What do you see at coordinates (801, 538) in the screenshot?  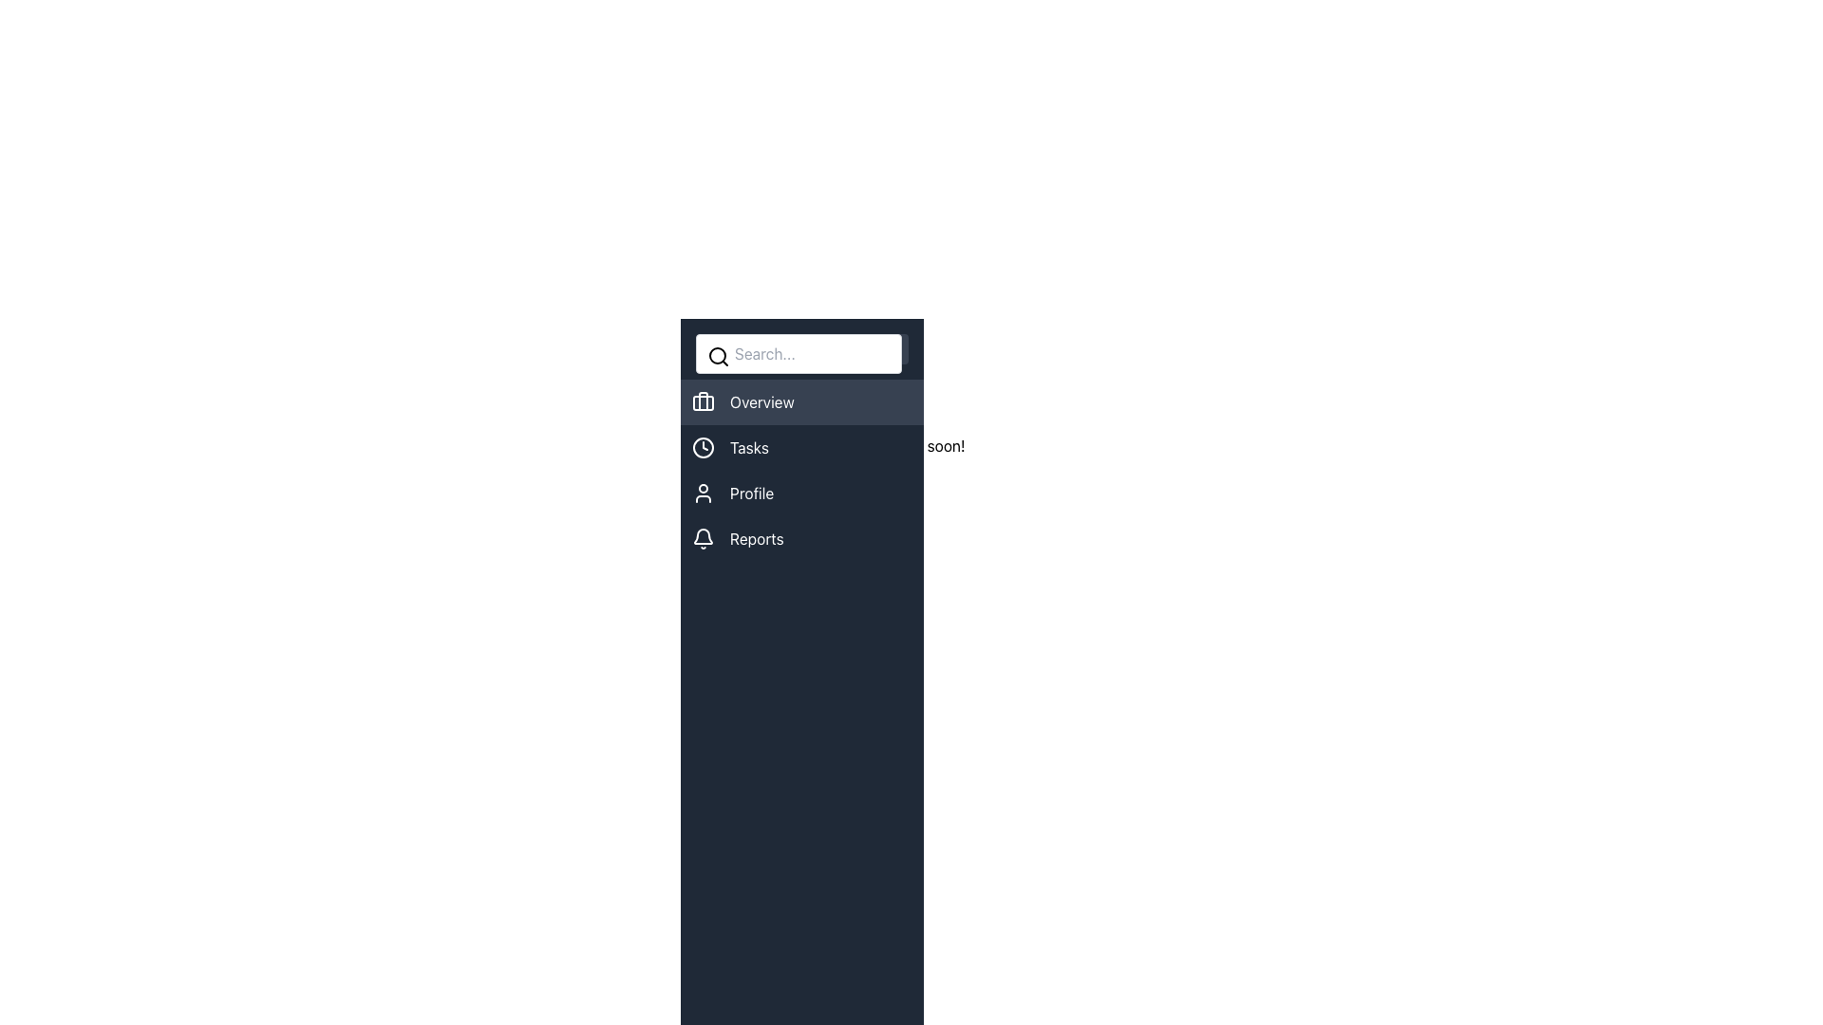 I see `the fourth menu item in the vertical navigation menu` at bounding box center [801, 538].